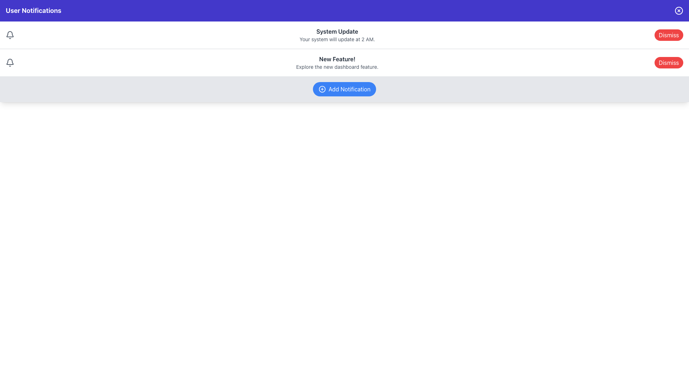 The width and height of the screenshot is (689, 387). Describe the element at coordinates (337, 31) in the screenshot. I see `text label displaying 'System Update' which is styled in bold dark gray and positioned at the top of the notification card` at that location.